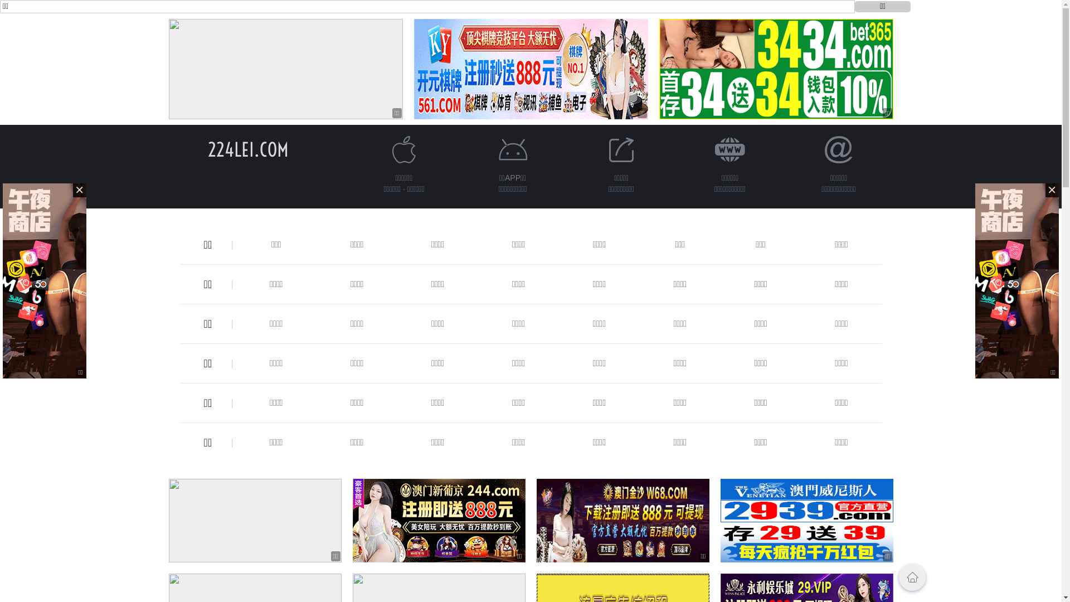  Describe the element at coordinates (247, 149) in the screenshot. I see `'224LEI.COM'` at that location.